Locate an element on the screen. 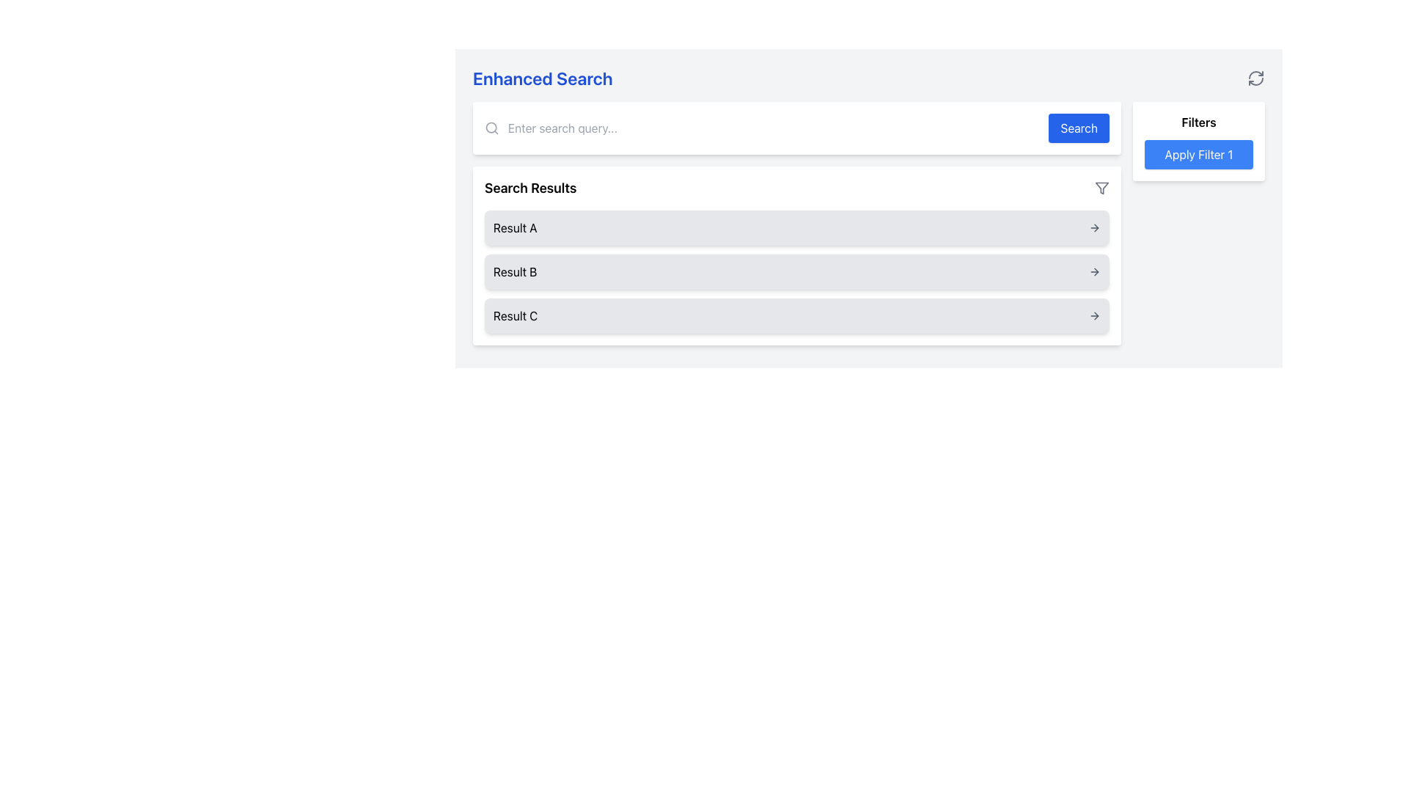 Image resolution: width=1408 pixels, height=792 pixels. the first text label in the 'Search Results' section, which is a non-interactive title for the item it represents is located at coordinates (515, 228).